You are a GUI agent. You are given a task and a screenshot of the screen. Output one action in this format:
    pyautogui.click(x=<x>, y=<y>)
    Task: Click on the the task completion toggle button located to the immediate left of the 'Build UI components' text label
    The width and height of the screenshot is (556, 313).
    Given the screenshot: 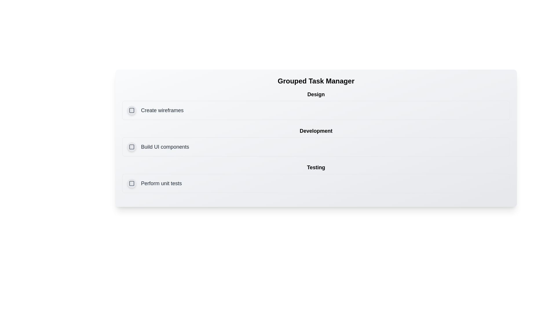 What is the action you would take?
    pyautogui.click(x=131, y=146)
    